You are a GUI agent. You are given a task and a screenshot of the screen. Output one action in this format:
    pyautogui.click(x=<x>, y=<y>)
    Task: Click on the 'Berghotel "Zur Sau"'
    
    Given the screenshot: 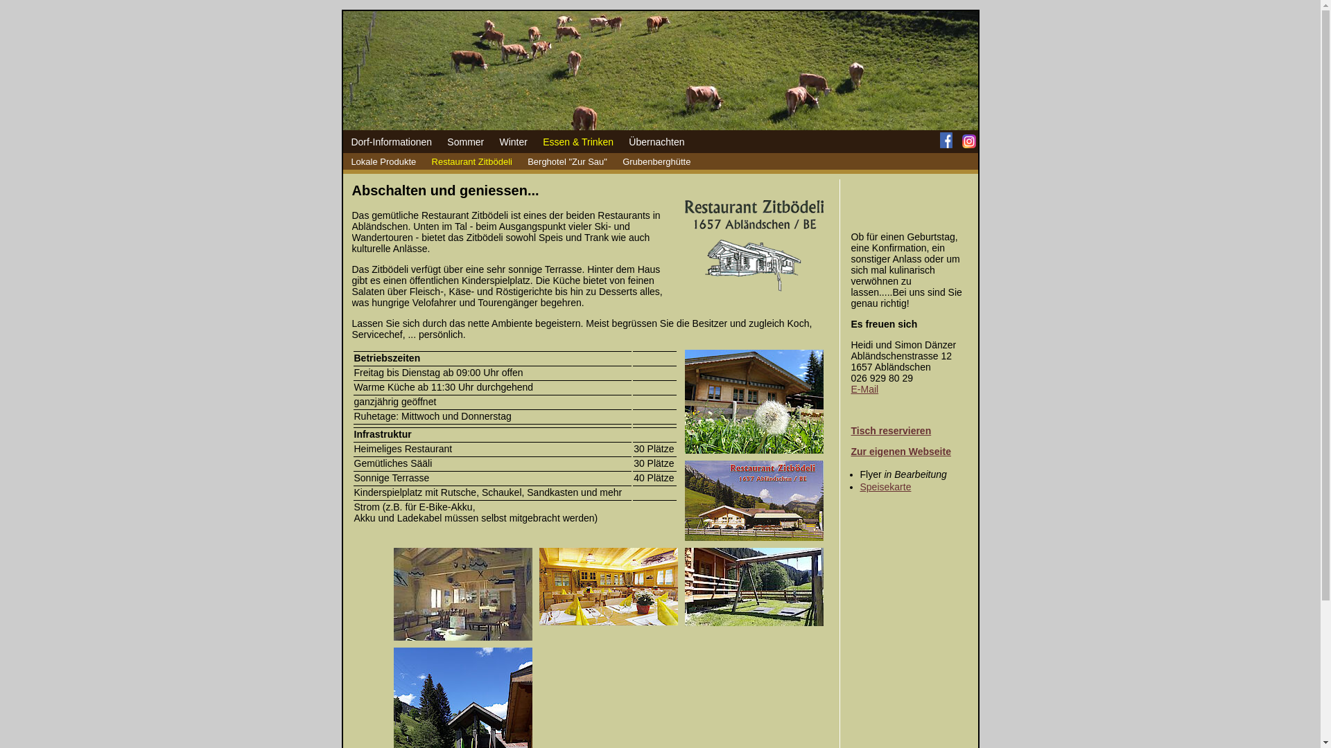 What is the action you would take?
    pyautogui.click(x=567, y=161)
    